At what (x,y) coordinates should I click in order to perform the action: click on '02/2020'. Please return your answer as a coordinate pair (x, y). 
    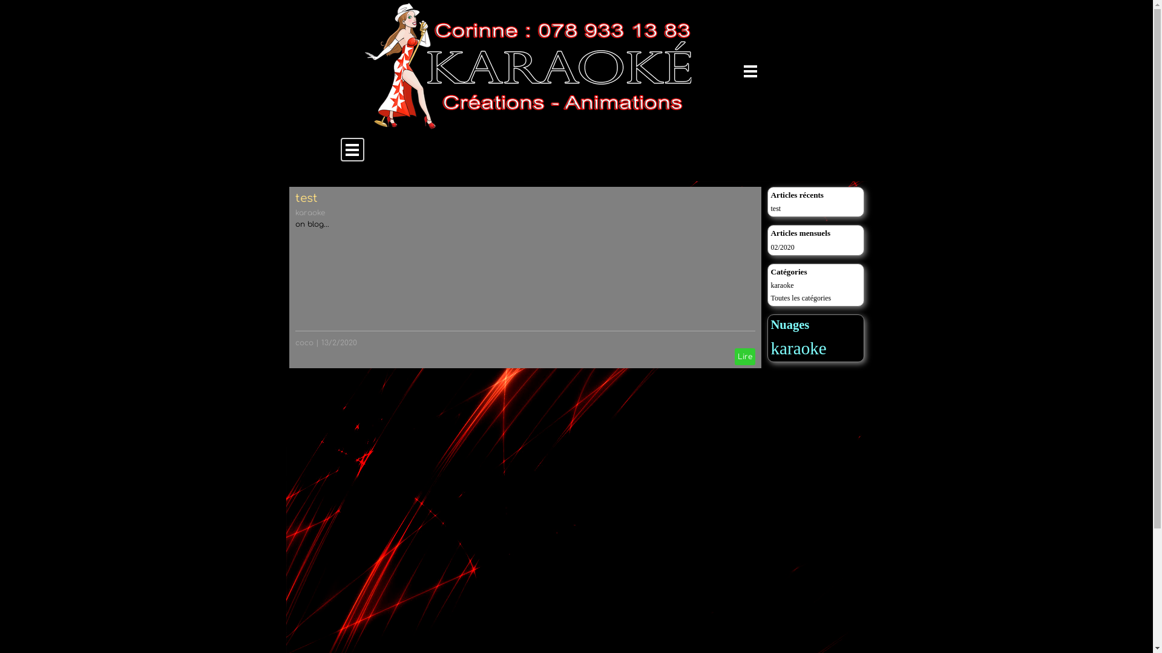
    Looking at the image, I should click on (783, 246).